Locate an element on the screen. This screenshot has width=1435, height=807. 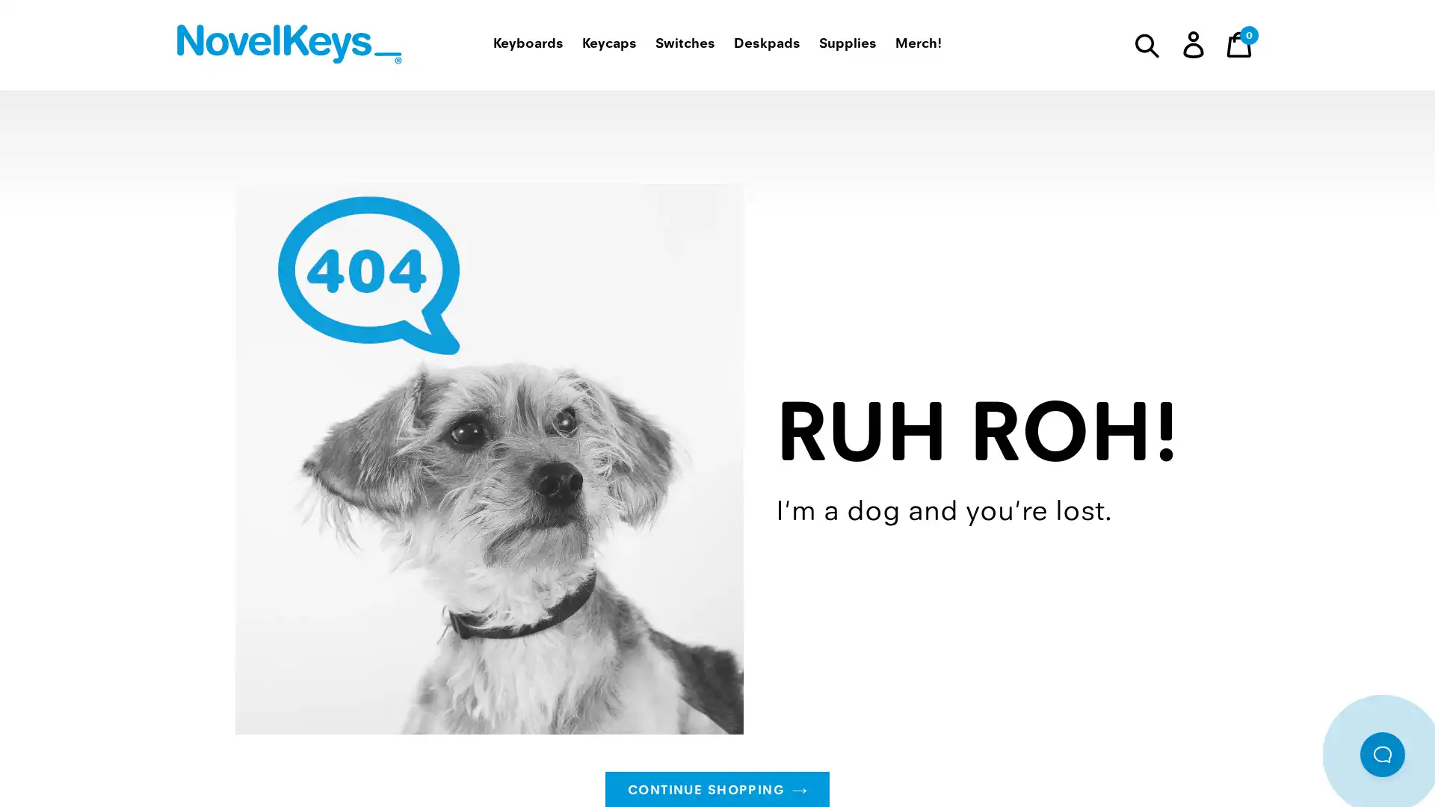
Submit is located at coordinates (1147, 43).